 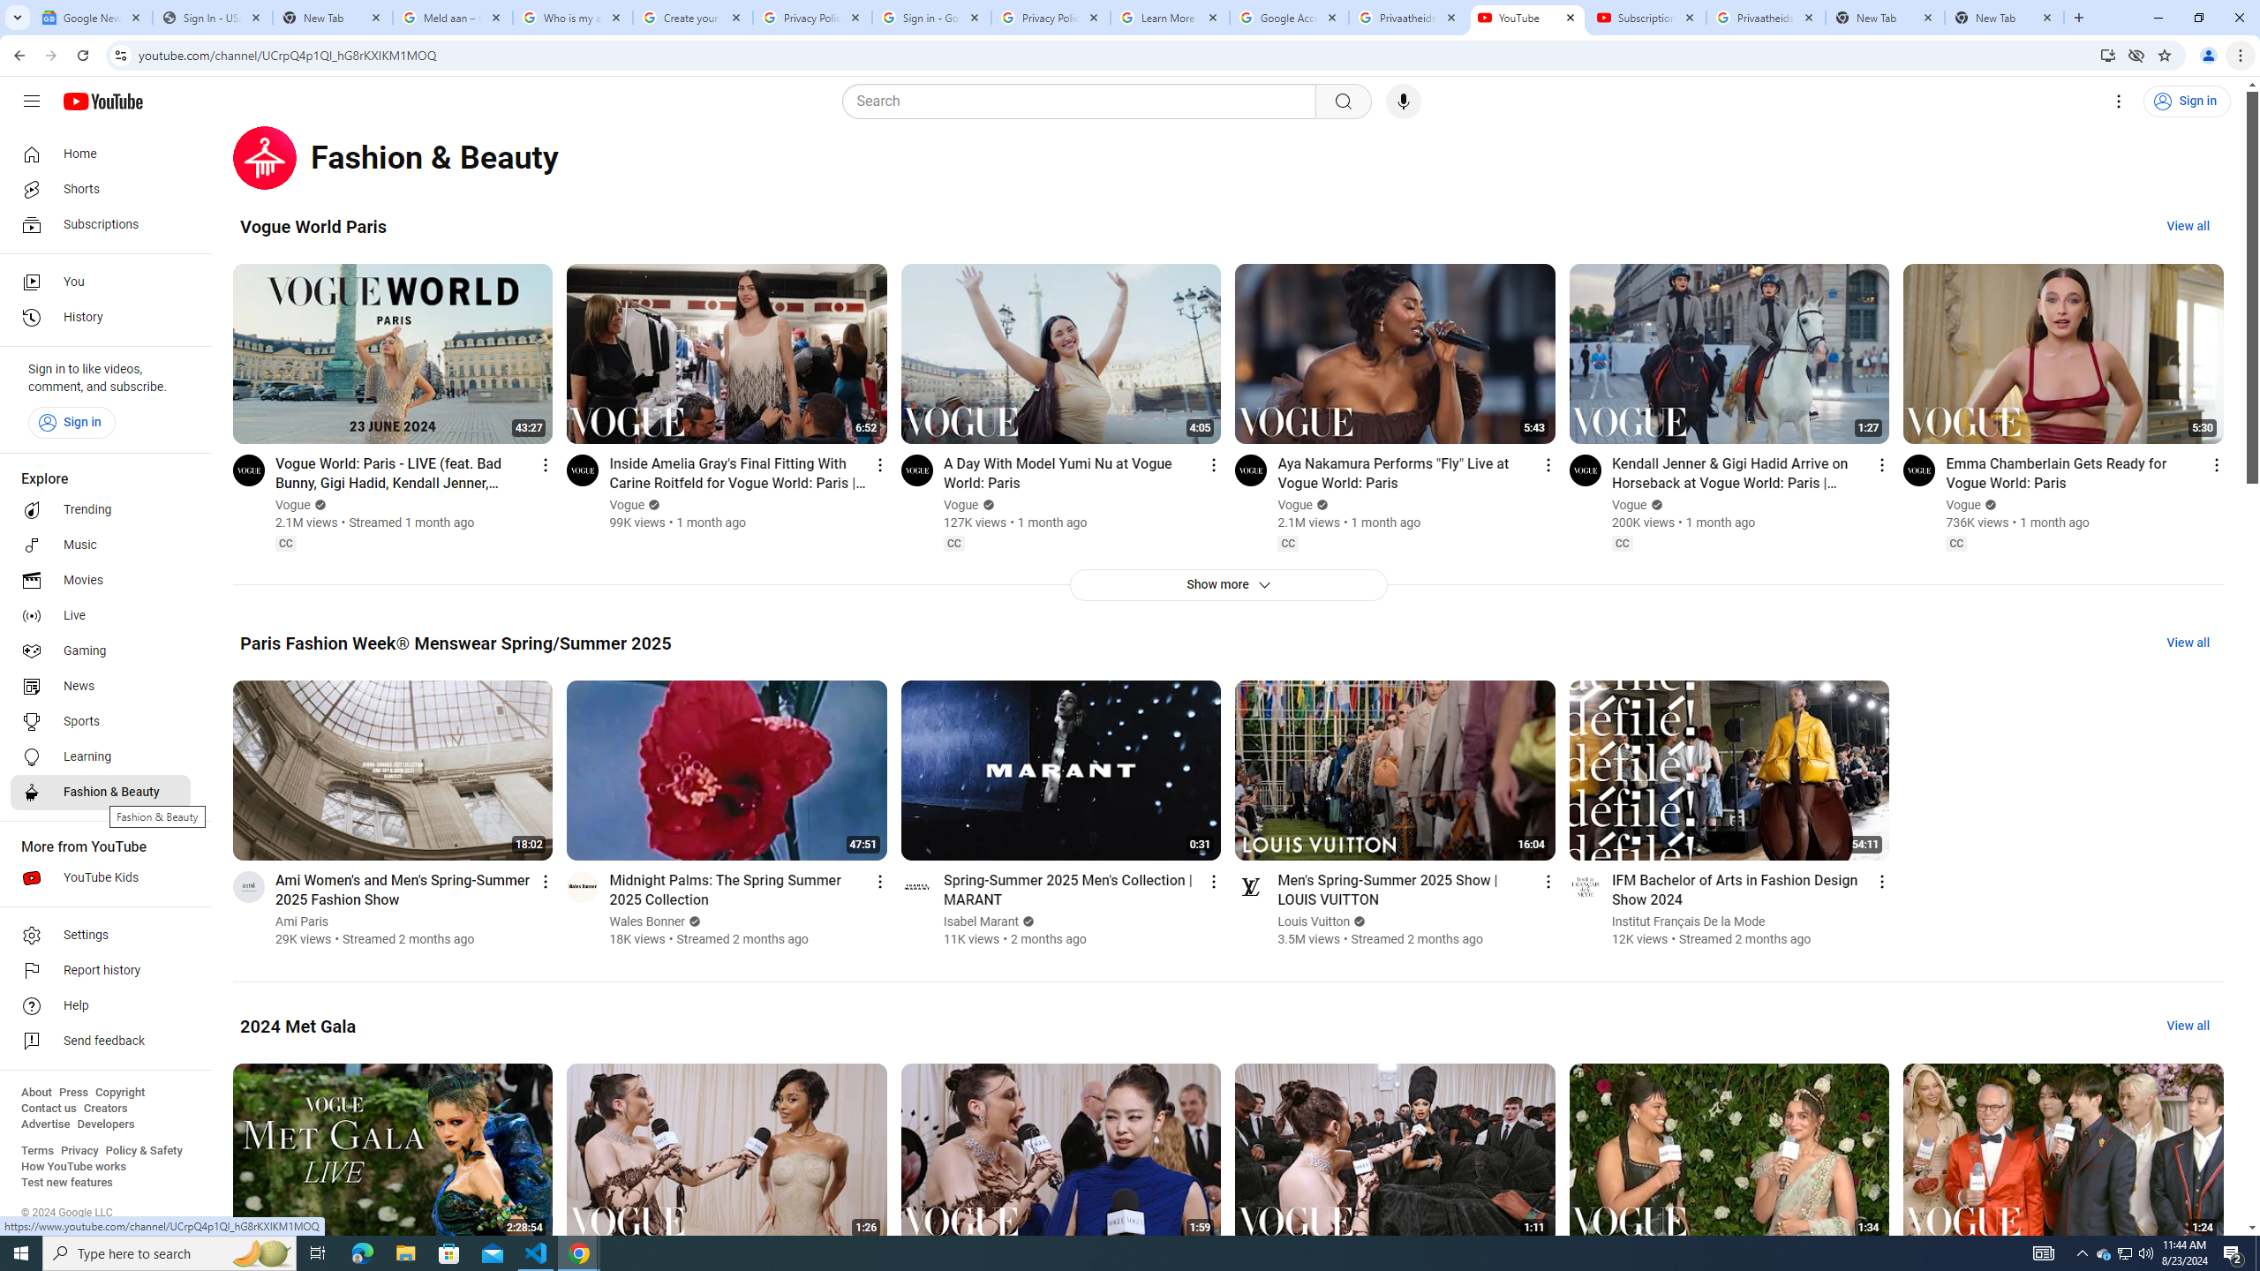 What do you see at coordinates (1647, 17) in the screenshot?
I see `'Subscriptions - YouTube'` at bounding box center [1647, 17].